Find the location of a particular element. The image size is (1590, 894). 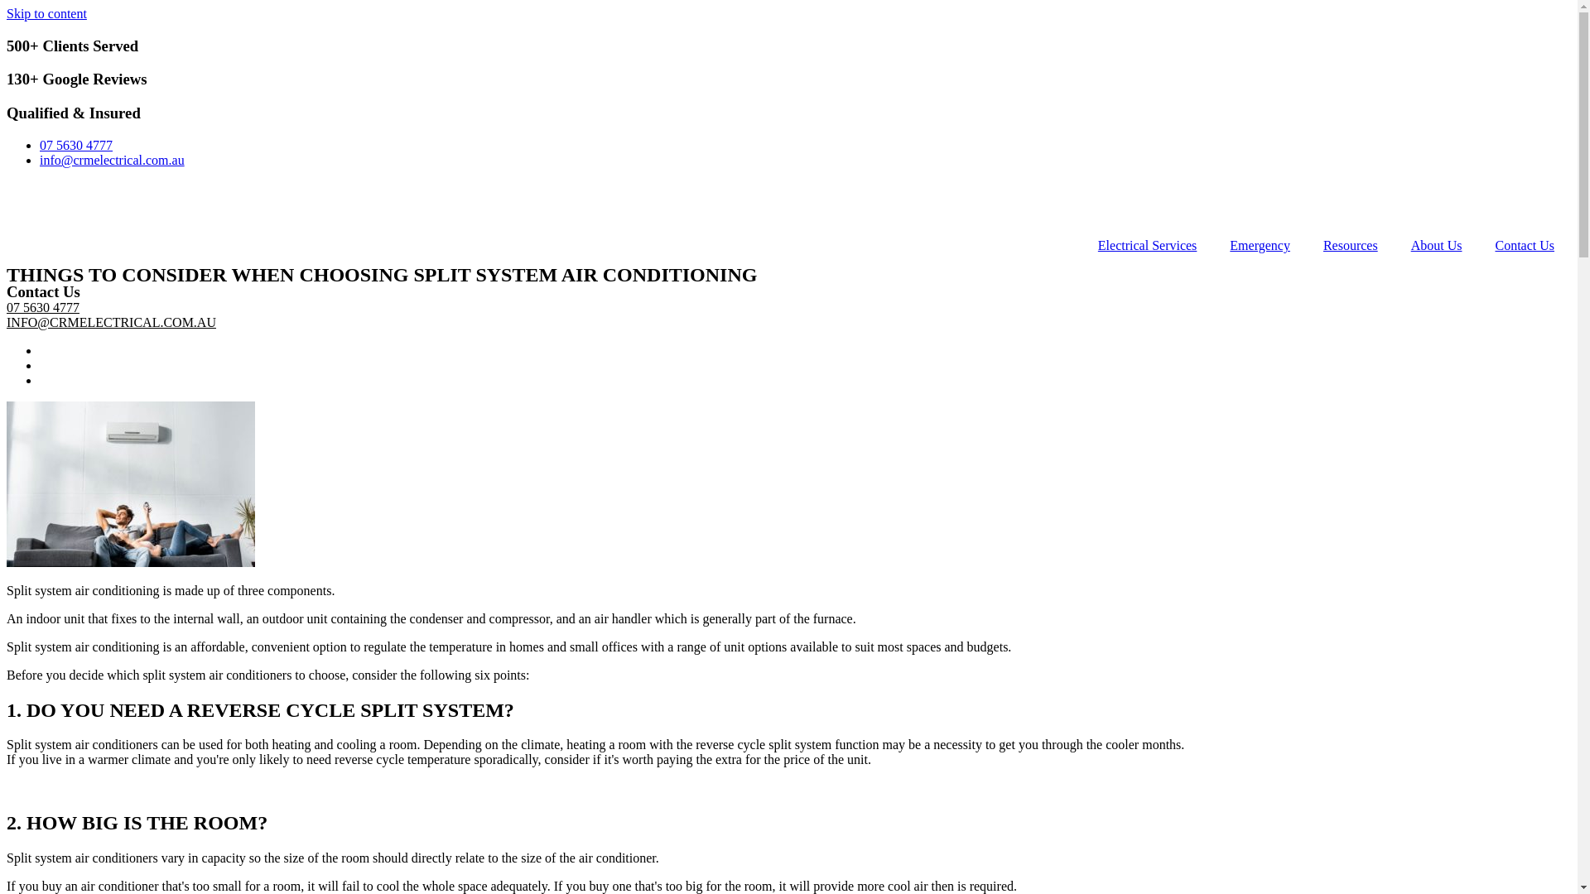

'Emergency' is located at coordinates (1259, 246).